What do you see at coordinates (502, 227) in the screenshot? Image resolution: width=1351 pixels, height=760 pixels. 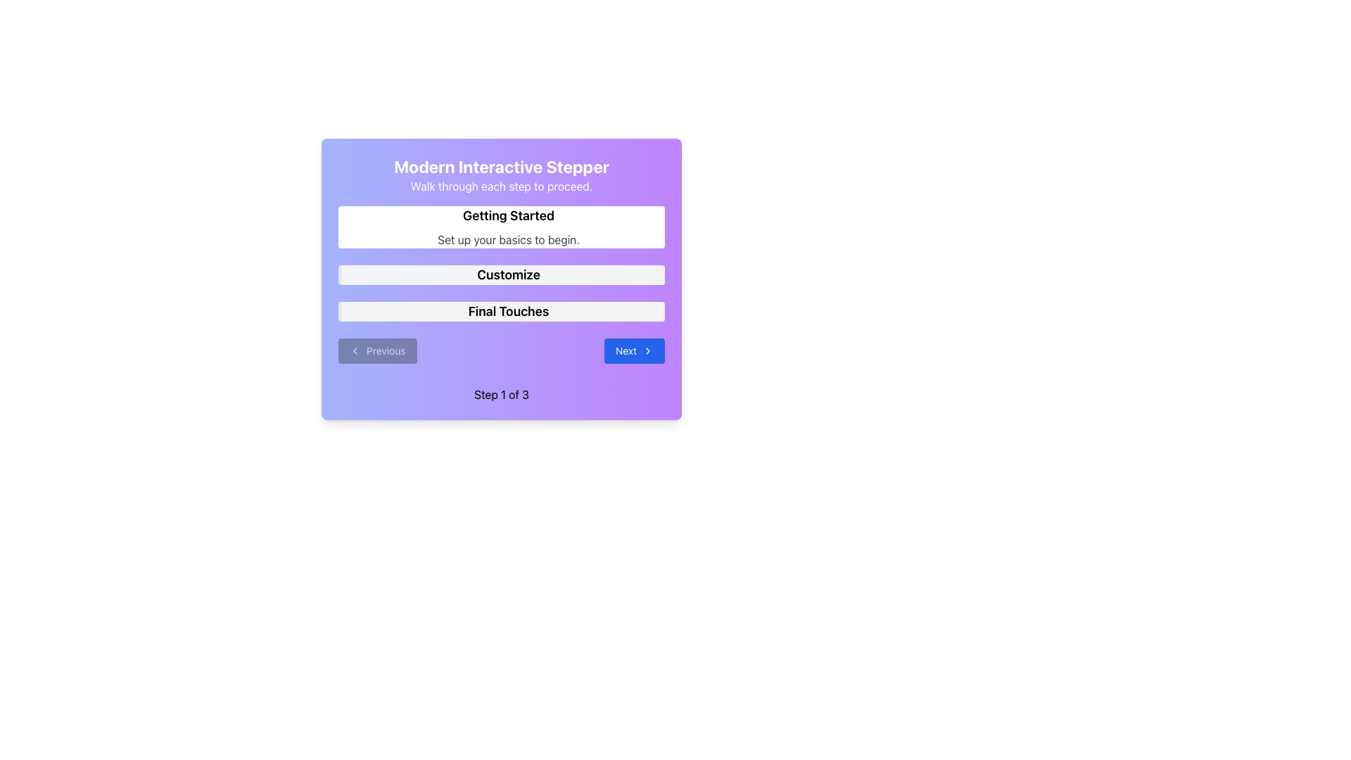 I see `the 'Getting Started' textual header block, which features bold text in larger font and a lighter subtitle, located above 'Customize' and 'Final Touches'` at bounding box center [502, 227].